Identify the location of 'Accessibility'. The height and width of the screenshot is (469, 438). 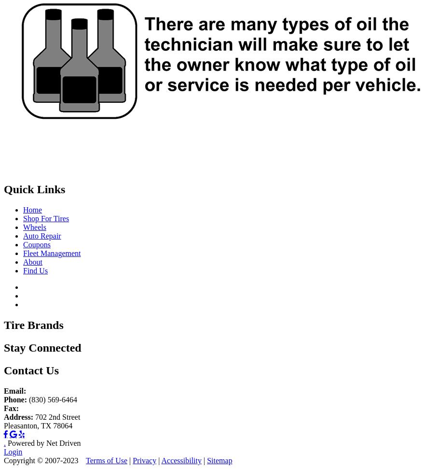
(160, 459).